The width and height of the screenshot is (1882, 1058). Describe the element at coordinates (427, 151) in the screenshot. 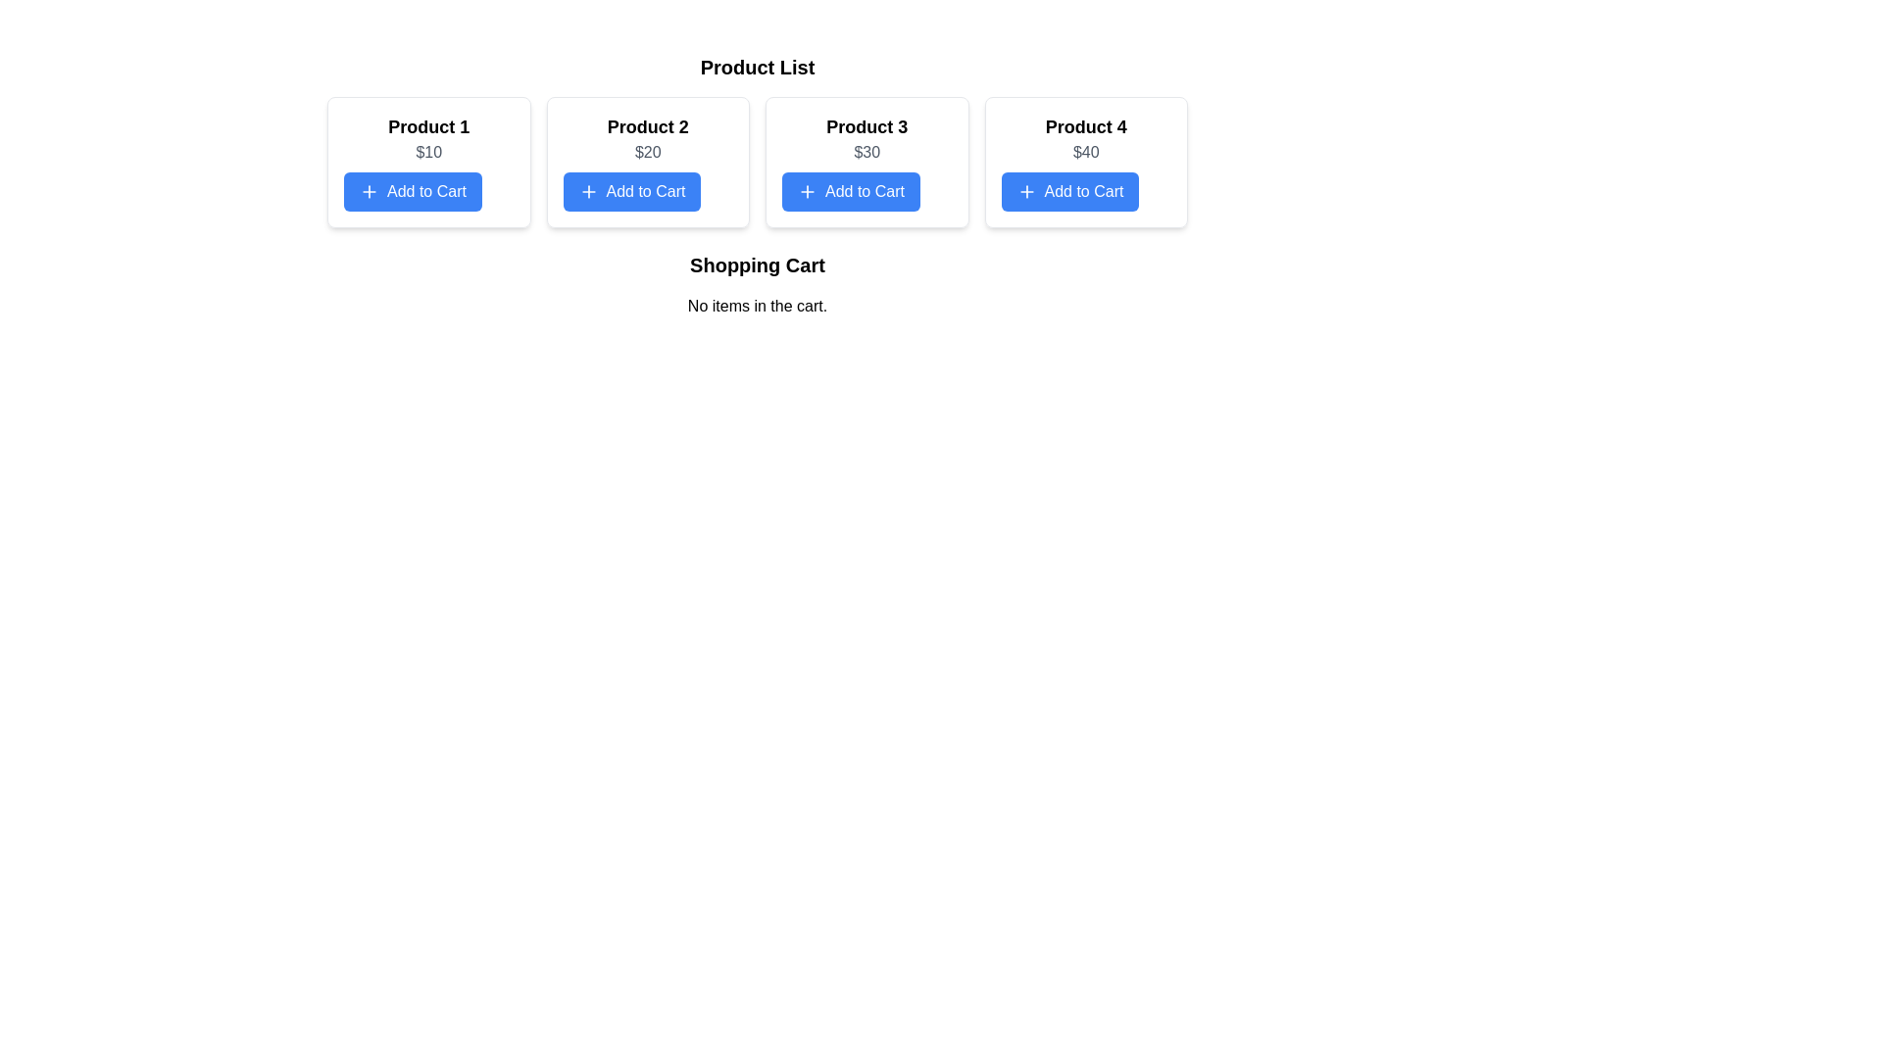

I see `the text label displaying the price '$10' in light gray, positioned below the title 'Product 1' within the product card` at that location.